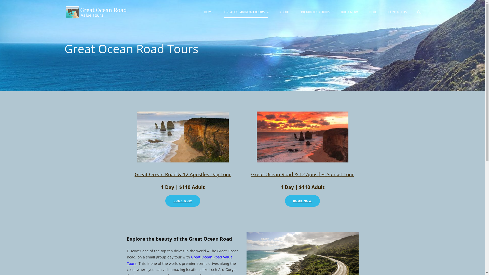 The image size is (489, 275). I want to click on 'CONTACT US', so click(397, 12).